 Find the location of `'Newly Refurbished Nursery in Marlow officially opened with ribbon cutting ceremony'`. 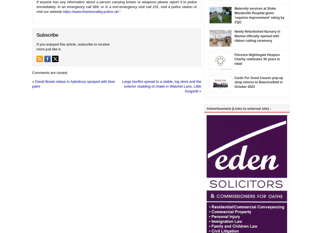

'Newly Refurbished Nursery in Marlow officially opened with ribbon cutting ceremony' is located at coordinates (257, 36).